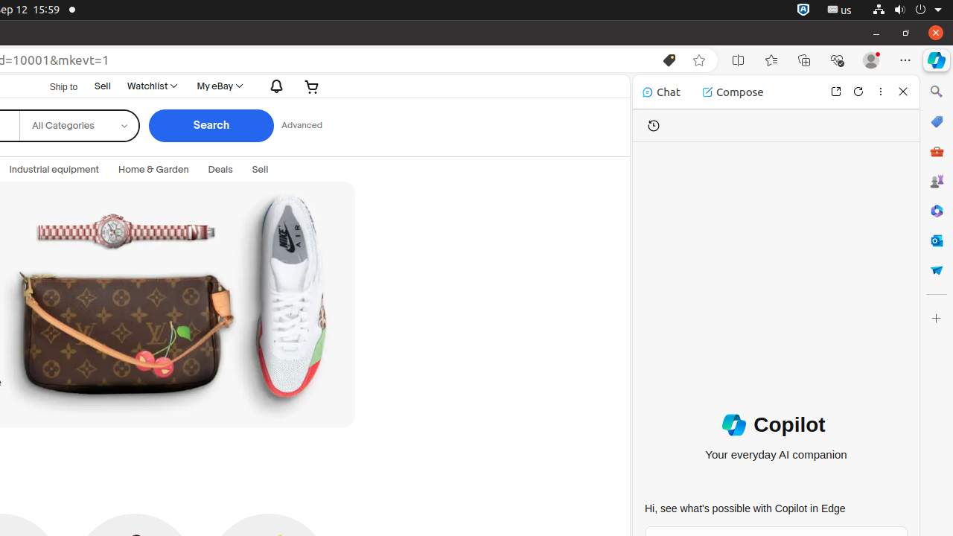  I want to click on 'Advanced Search', so click(300, 124).